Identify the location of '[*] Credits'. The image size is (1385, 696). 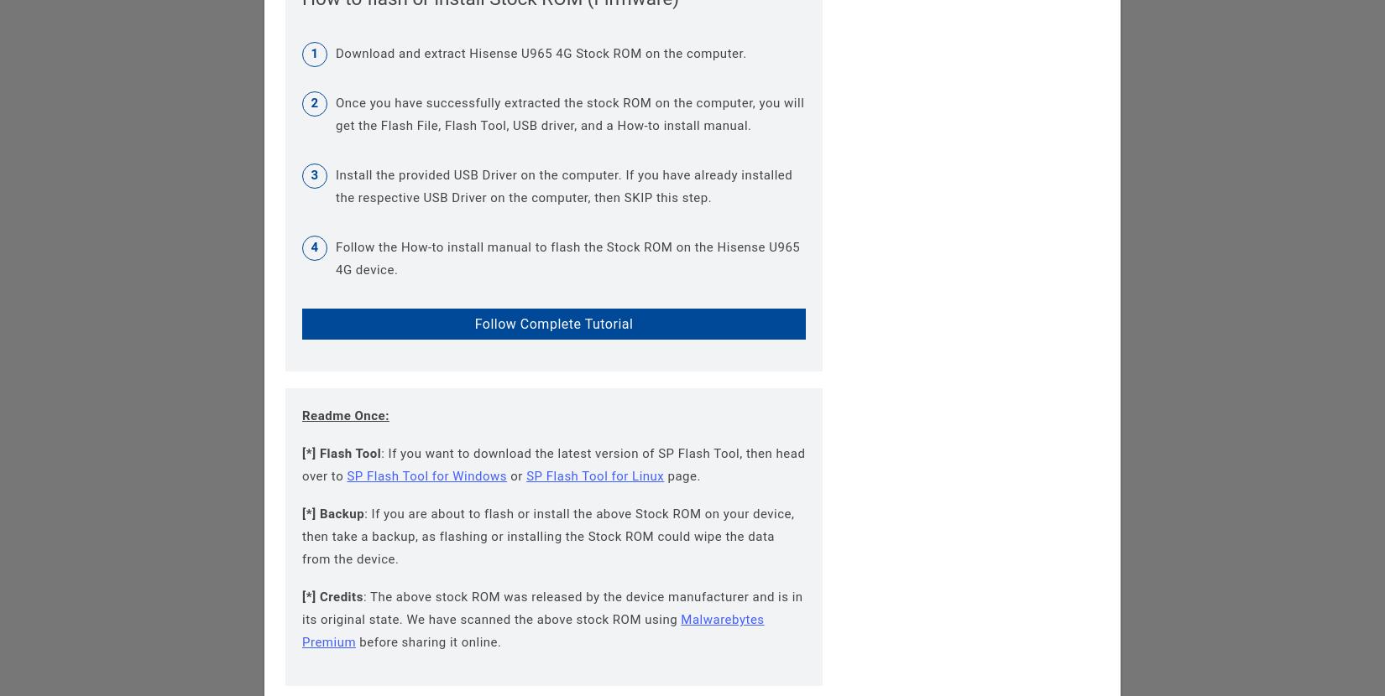
(332, 595).